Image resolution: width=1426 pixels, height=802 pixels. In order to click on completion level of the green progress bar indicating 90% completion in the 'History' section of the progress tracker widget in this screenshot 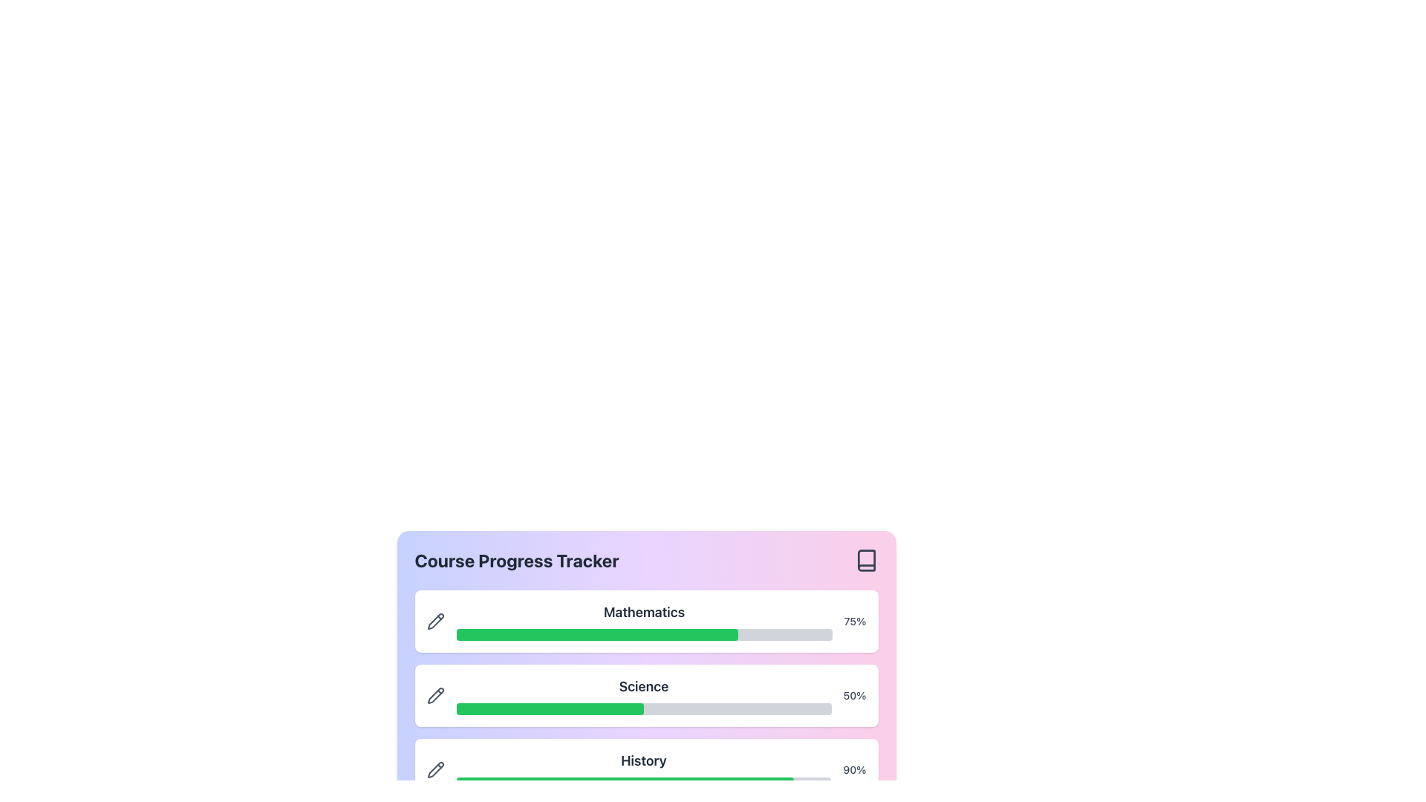, I will do `click(625, 783)`.